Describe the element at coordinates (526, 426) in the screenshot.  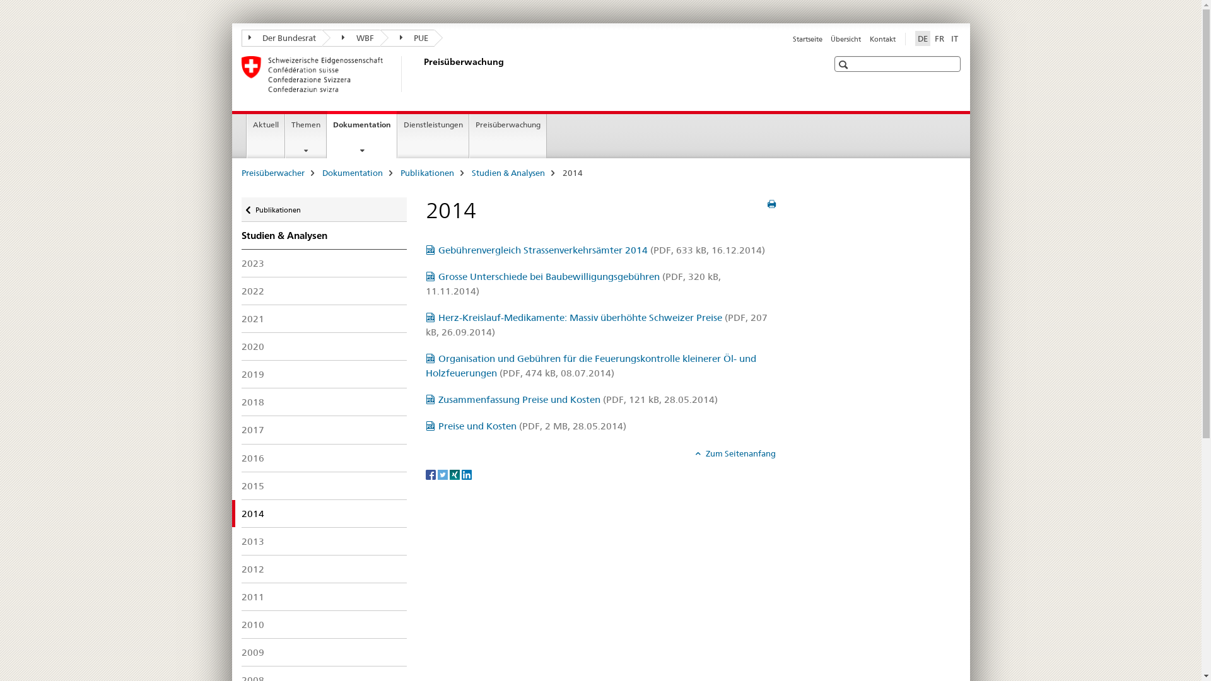
I see `'Preise und Kosten (PDF, 2 MB, 28.05.2014)'` at that location.